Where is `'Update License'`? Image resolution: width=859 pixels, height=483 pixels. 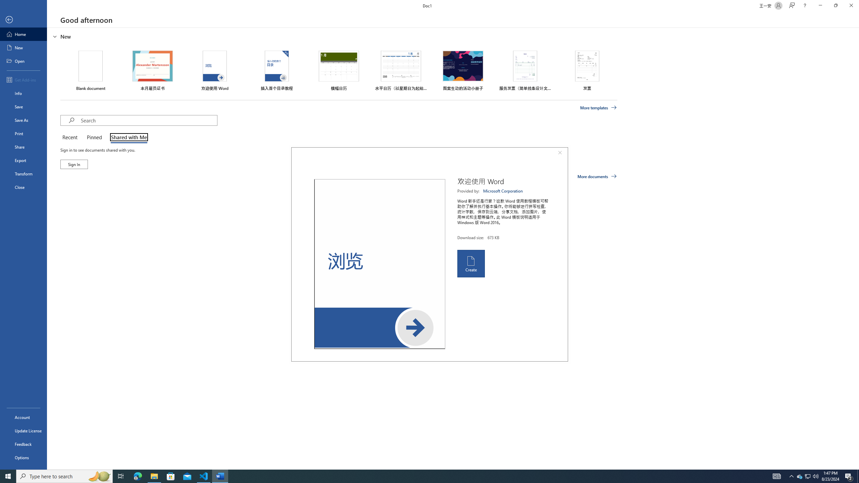 'Update License' is located at coordinates (23, 430).